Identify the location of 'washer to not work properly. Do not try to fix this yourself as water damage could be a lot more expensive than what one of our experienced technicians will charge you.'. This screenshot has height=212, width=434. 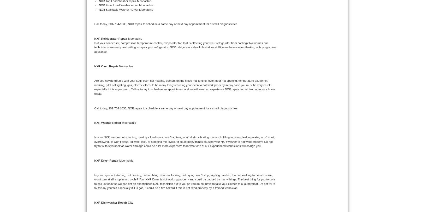
(183, 144).